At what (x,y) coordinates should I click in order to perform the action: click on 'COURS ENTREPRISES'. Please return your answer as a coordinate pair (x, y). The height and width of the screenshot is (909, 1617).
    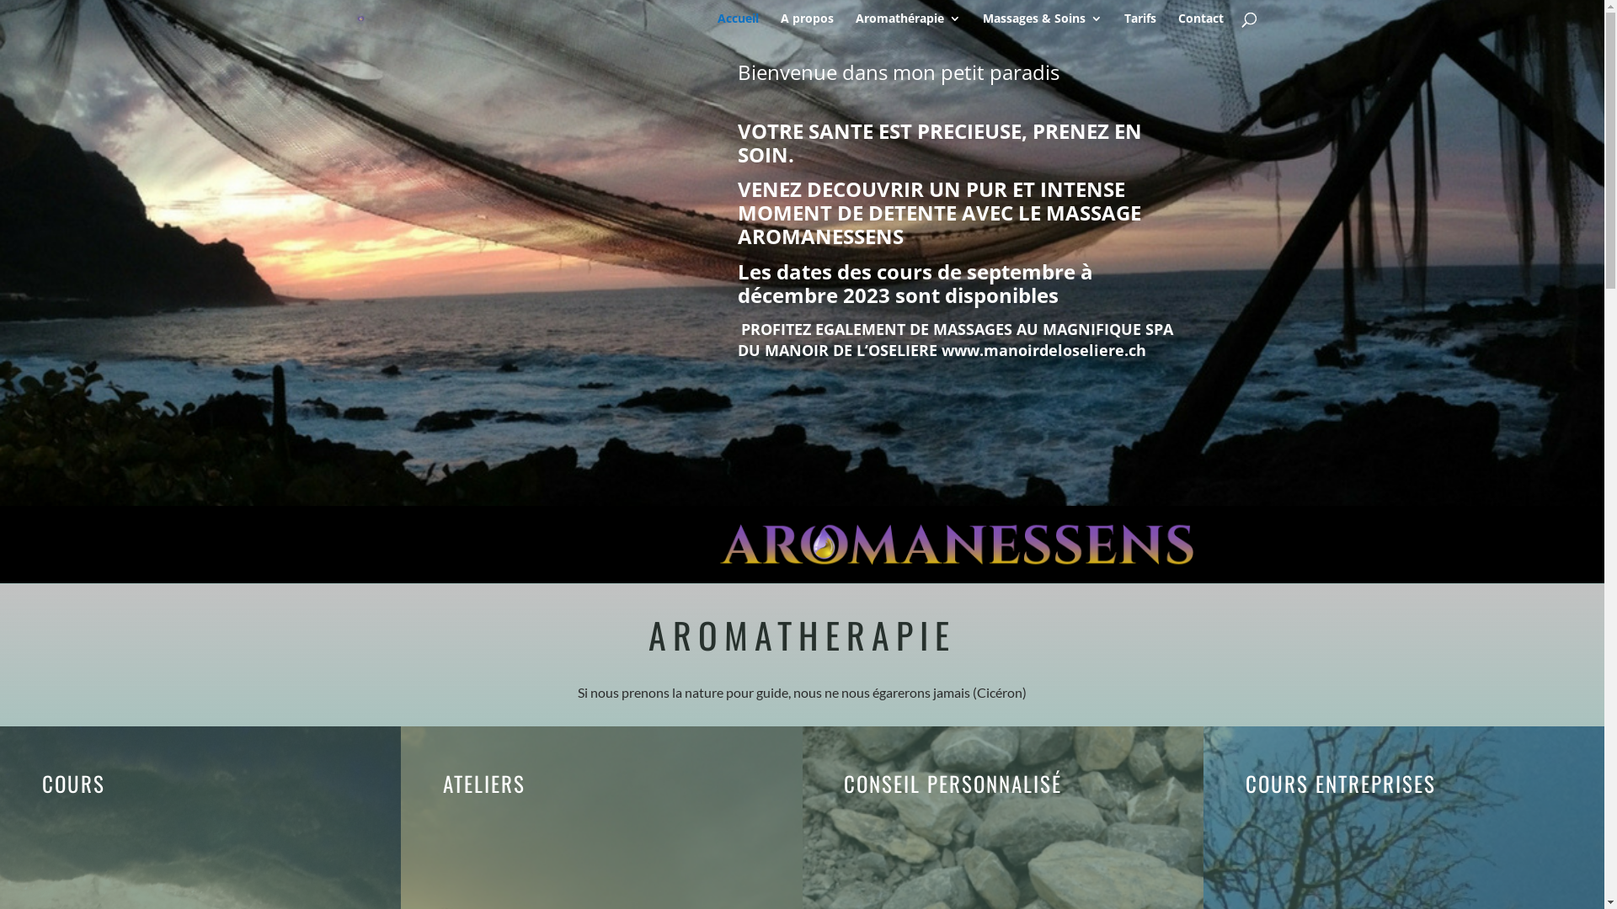
    Looking at the image, I should click on (1340, 783).